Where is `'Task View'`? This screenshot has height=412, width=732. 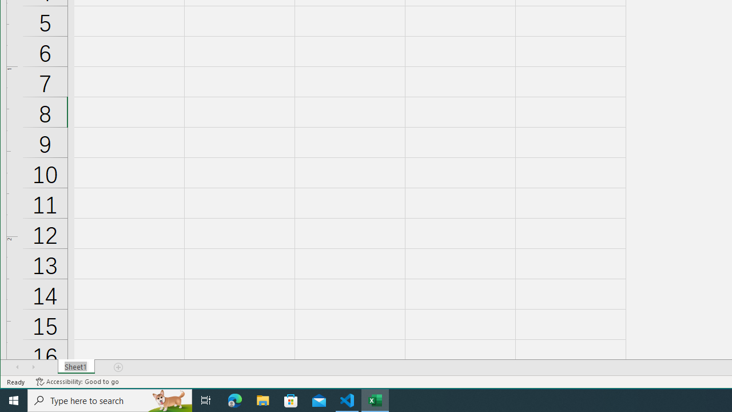
'Task View' is located at coordinates (205, 399).